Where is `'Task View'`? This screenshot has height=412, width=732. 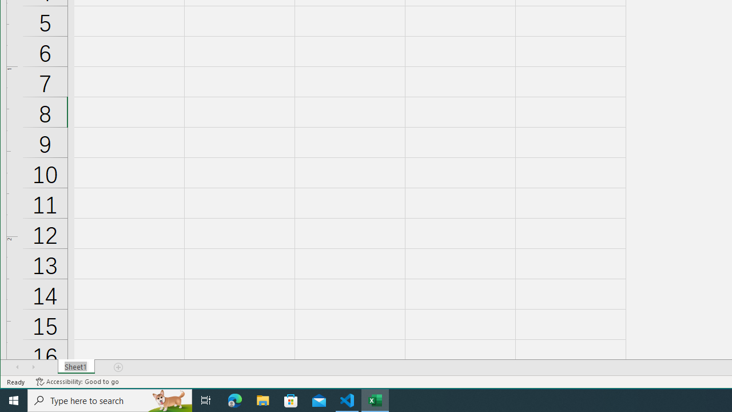
'Task View' is located at coordinates (205, 399).